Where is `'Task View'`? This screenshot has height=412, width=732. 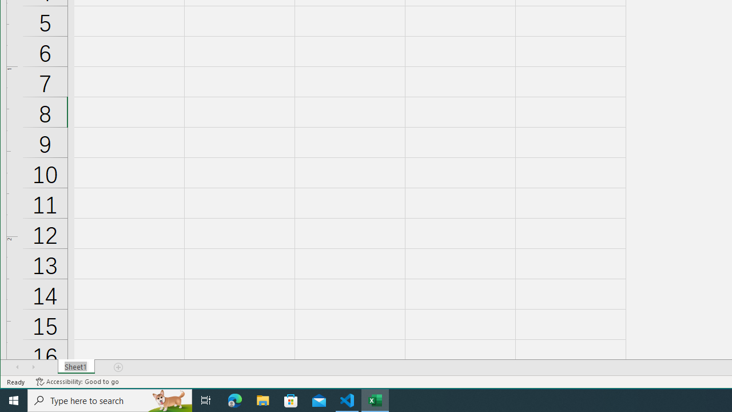
'Task View' is located at coordinates (205, 399).